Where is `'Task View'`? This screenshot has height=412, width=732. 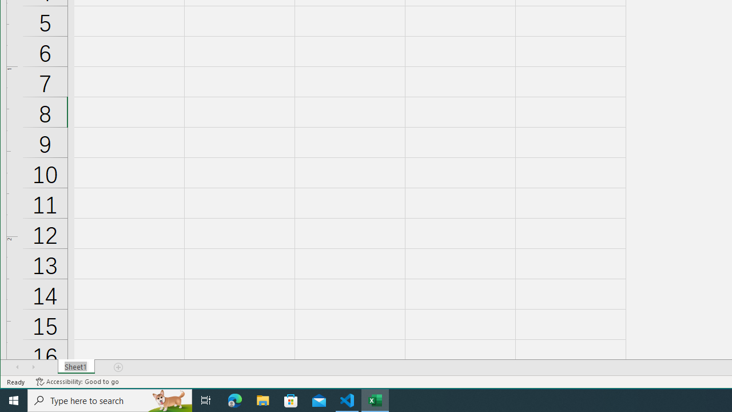
'Task View' is located at coordinates (205, 399).